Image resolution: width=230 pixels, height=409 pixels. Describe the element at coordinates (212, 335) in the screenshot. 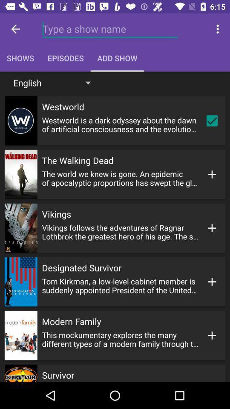

I see `the last  symbol from the top places at the bottom right corner of the page` at that location.